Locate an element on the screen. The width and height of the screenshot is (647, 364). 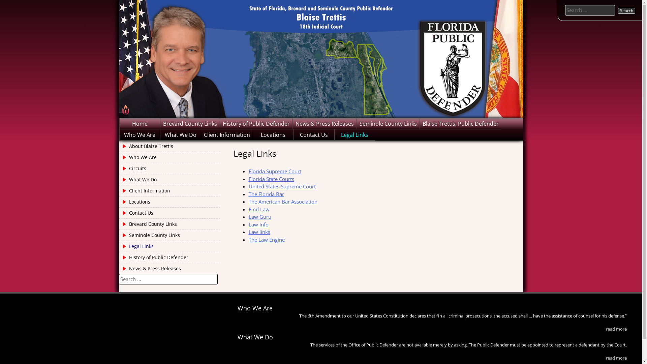
'Law links' is located at coordinates (259, 231).